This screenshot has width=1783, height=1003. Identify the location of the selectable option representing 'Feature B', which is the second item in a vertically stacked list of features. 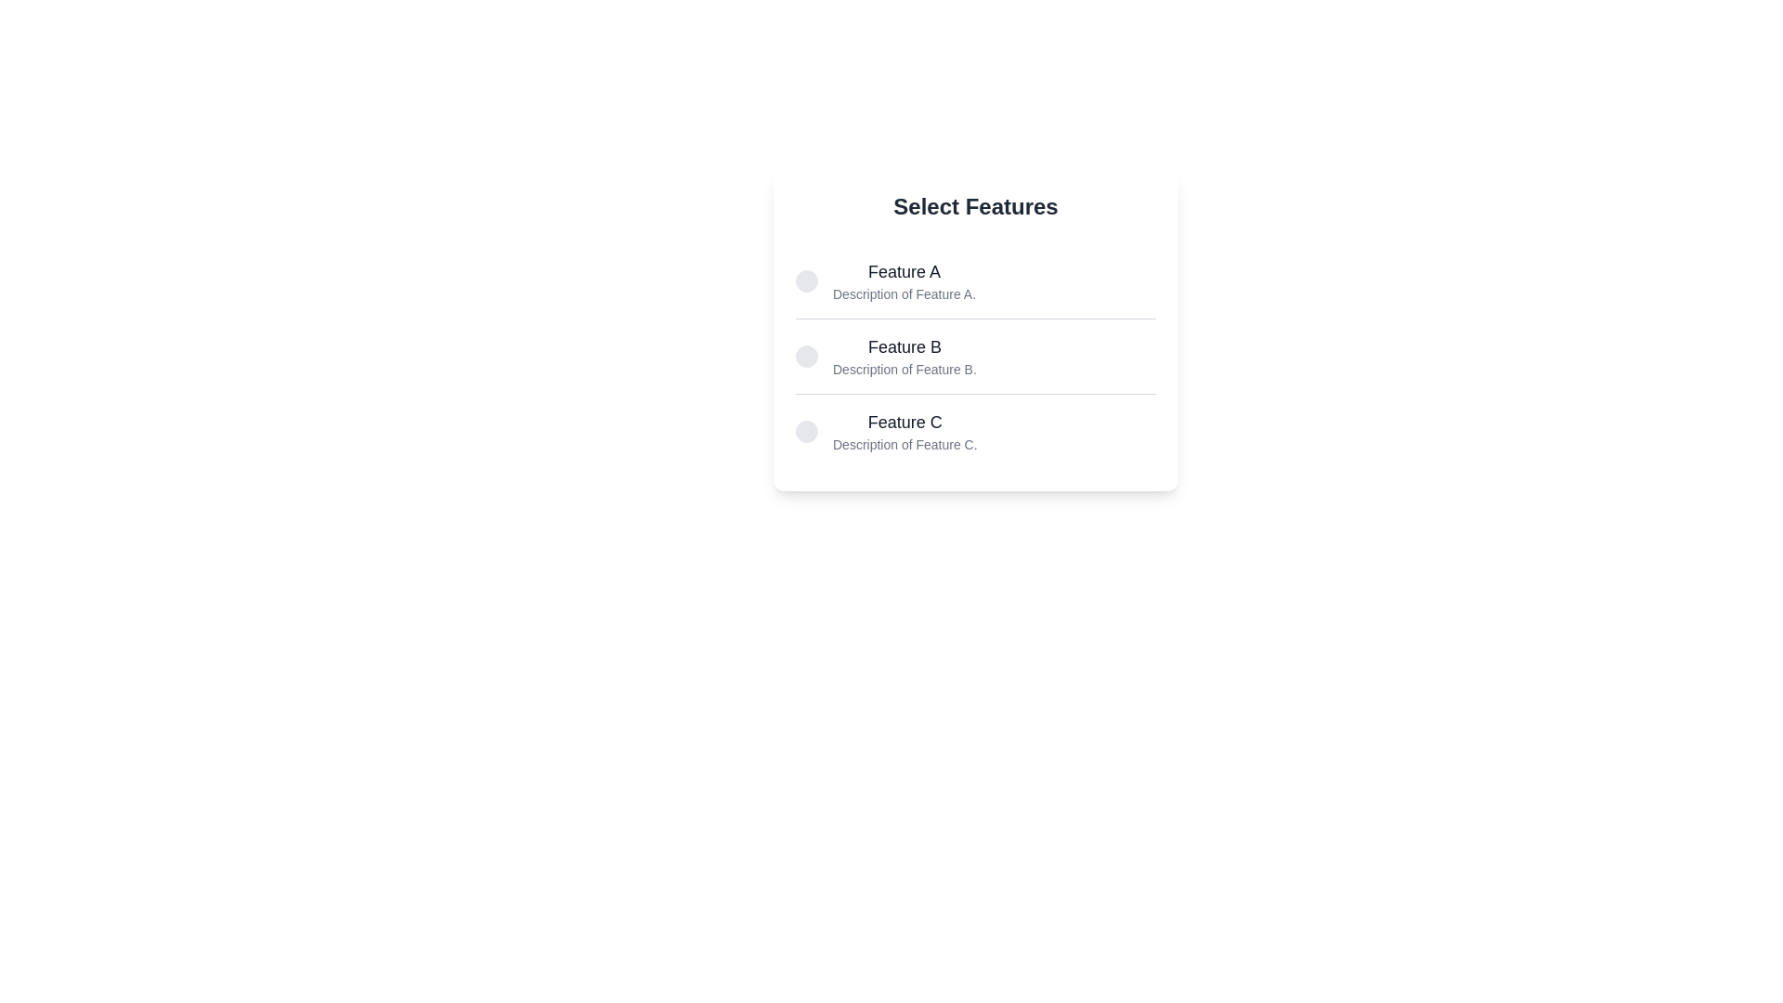
(975, 356).